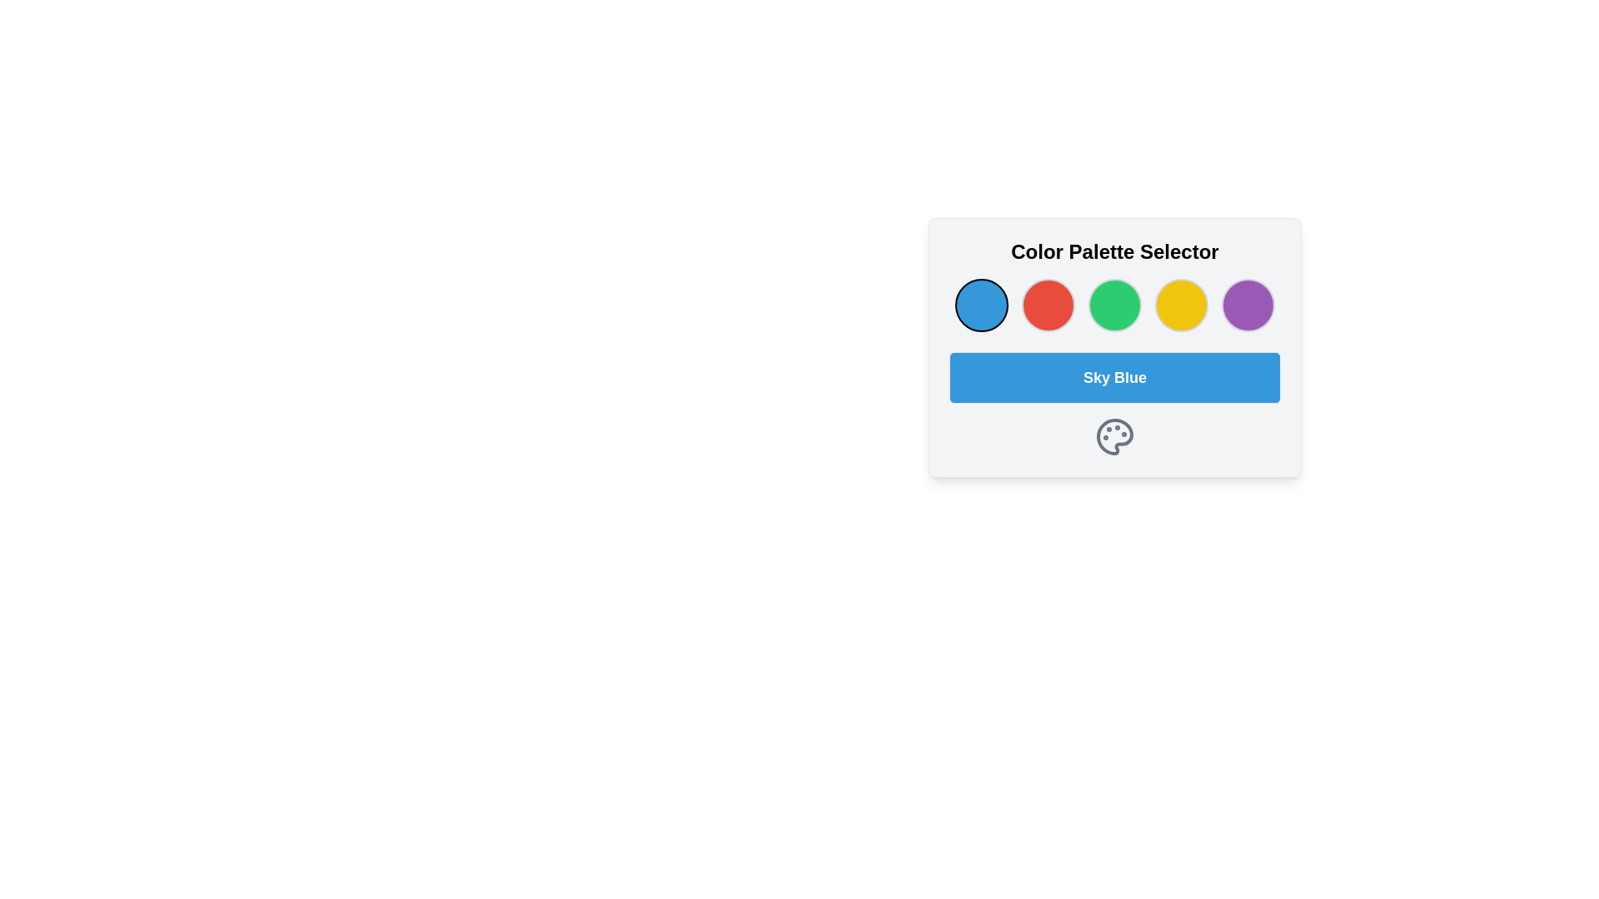  What do you see at coordinates (1115, 378) in the screenshot?
I see `the Text Label displaying 'Sky Blue' in bold white font, which is centrally located on a blue rectangular bar` at bounding box center [1115, 378].